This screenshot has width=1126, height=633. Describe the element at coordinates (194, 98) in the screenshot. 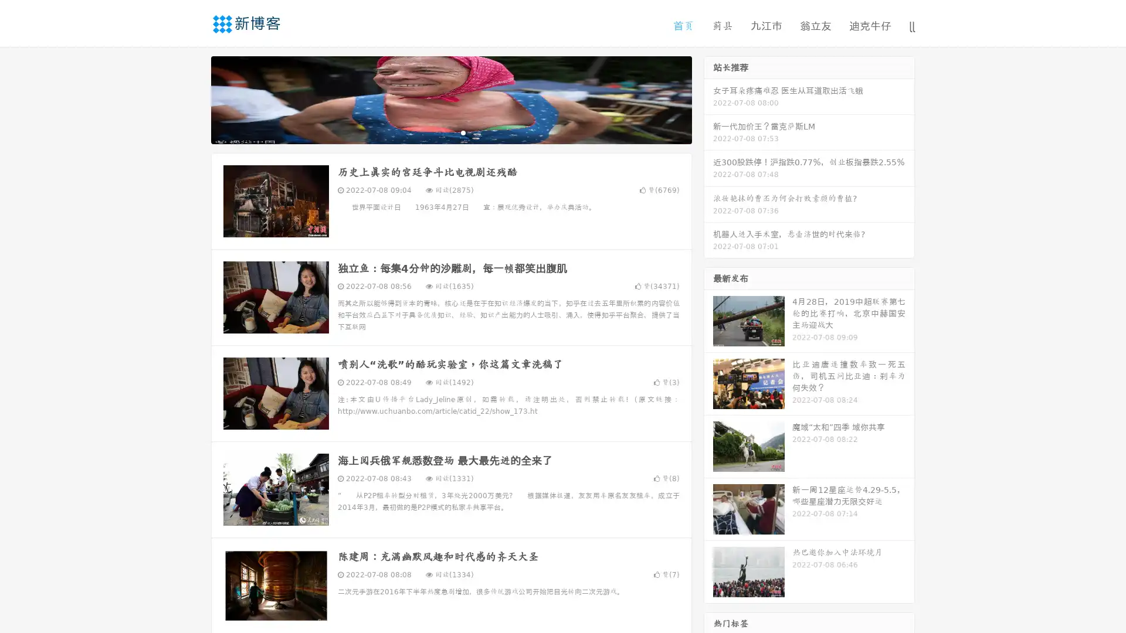

I see `Previous slide` at that location.